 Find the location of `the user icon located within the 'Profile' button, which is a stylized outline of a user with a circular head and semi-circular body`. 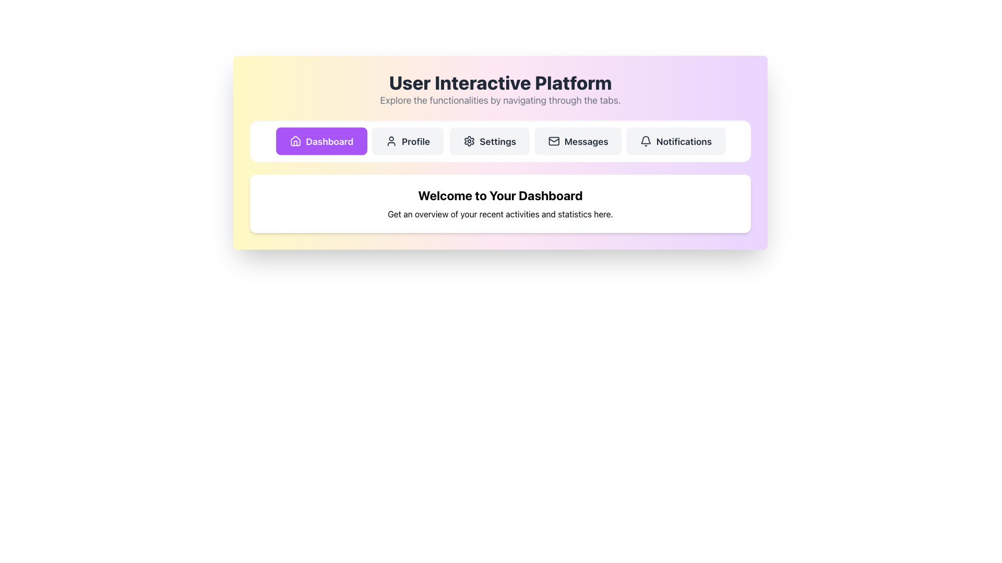

the user icon located within the 'Profile' button, which is a stylized outline of a user with a circular head and semi-circular body is located at coordinates (391, 141).